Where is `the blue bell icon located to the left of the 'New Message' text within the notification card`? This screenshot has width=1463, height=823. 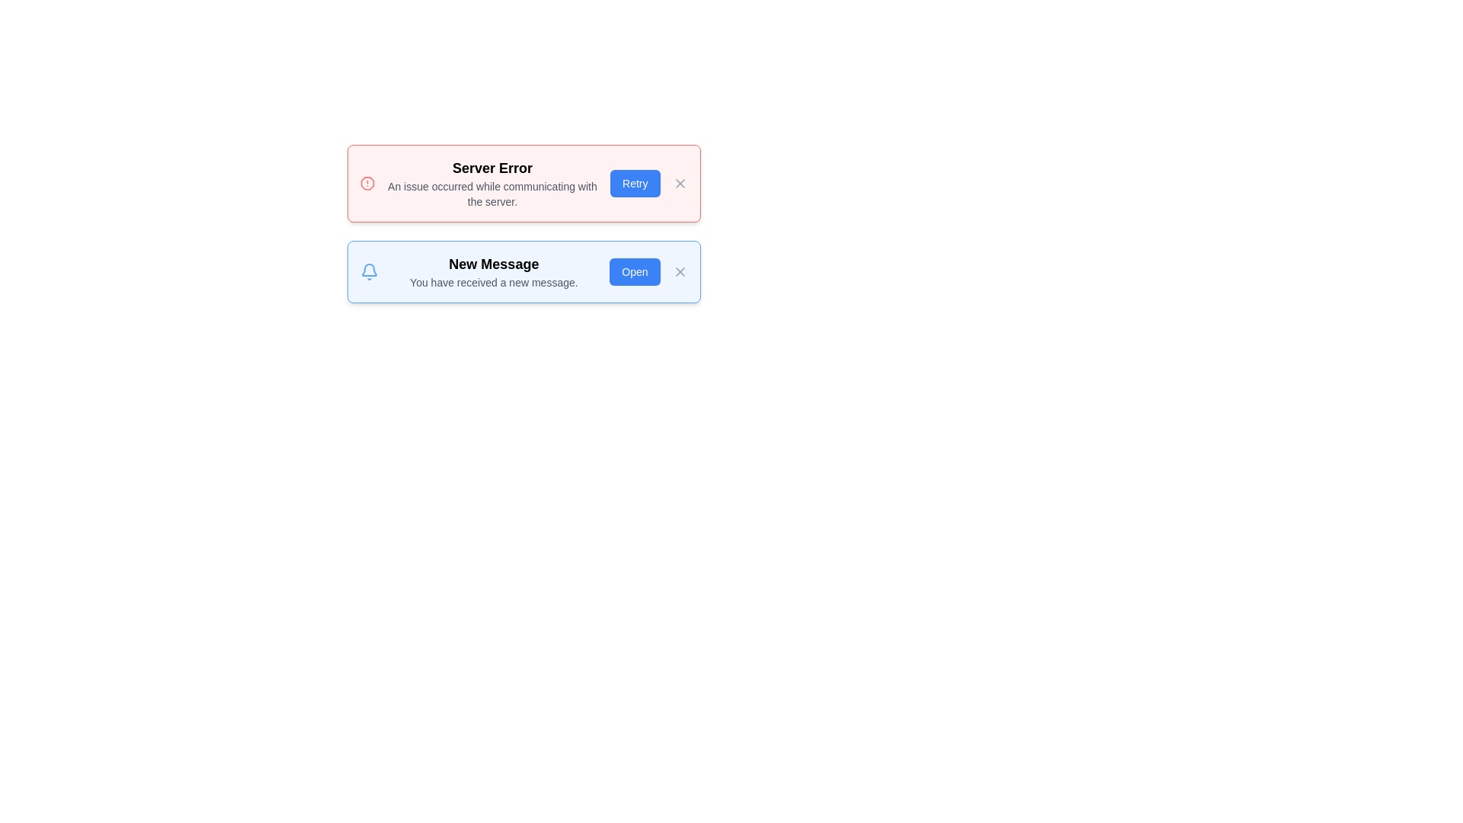
the blue bell icon located to the left of the 'New Message' text within the notification card is located at coordinates (369, 271).